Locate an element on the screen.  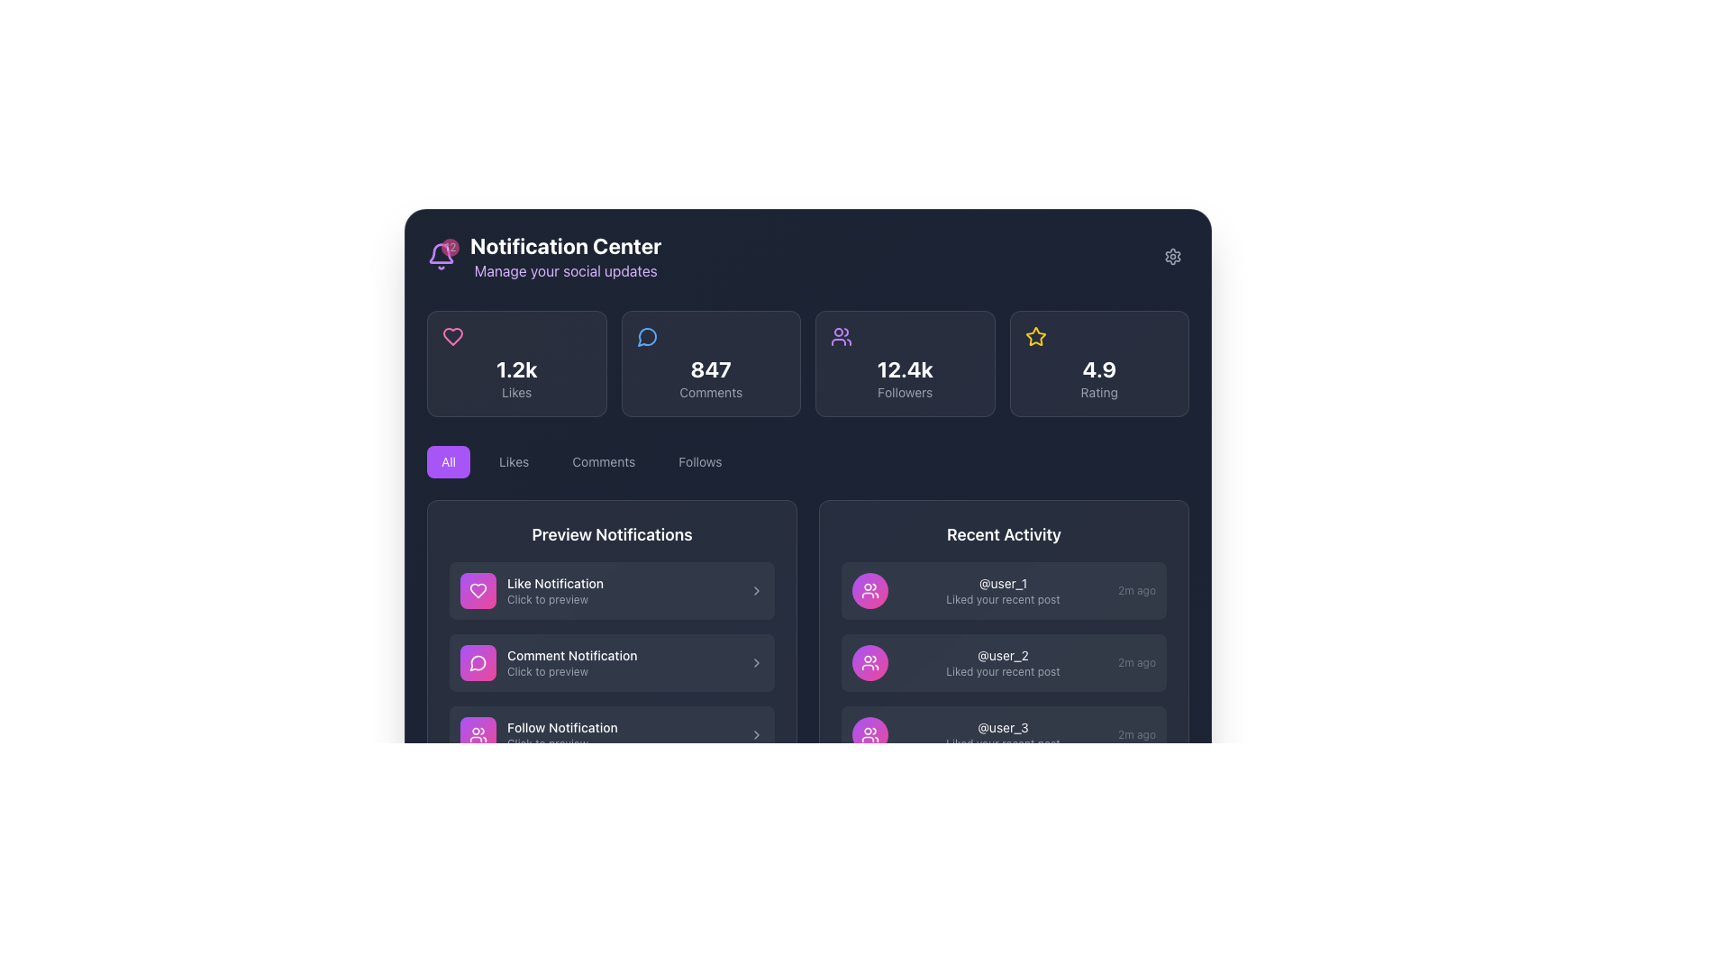
the Notification Badge, which is a small circular badge with a pink background and white text indicating '12', located on the top-right corner of a notification bell icon is located at coordinates (450, 247).